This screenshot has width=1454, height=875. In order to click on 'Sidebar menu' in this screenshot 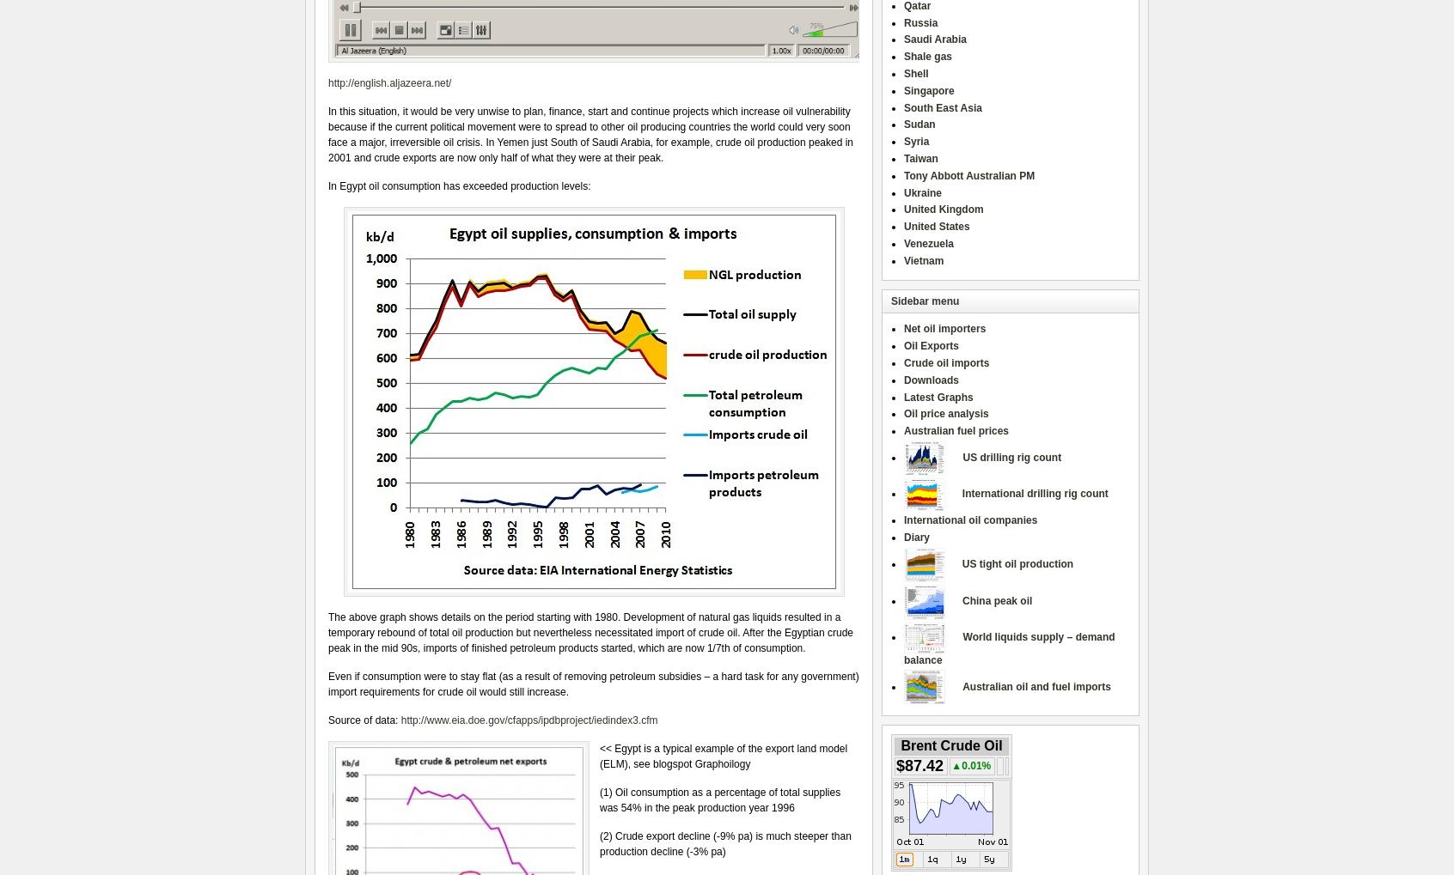, I will do `click(925, 301)`.